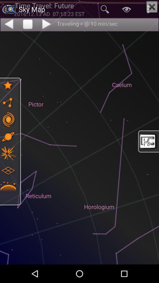  I want to click on the play icon, so click(47, 24).